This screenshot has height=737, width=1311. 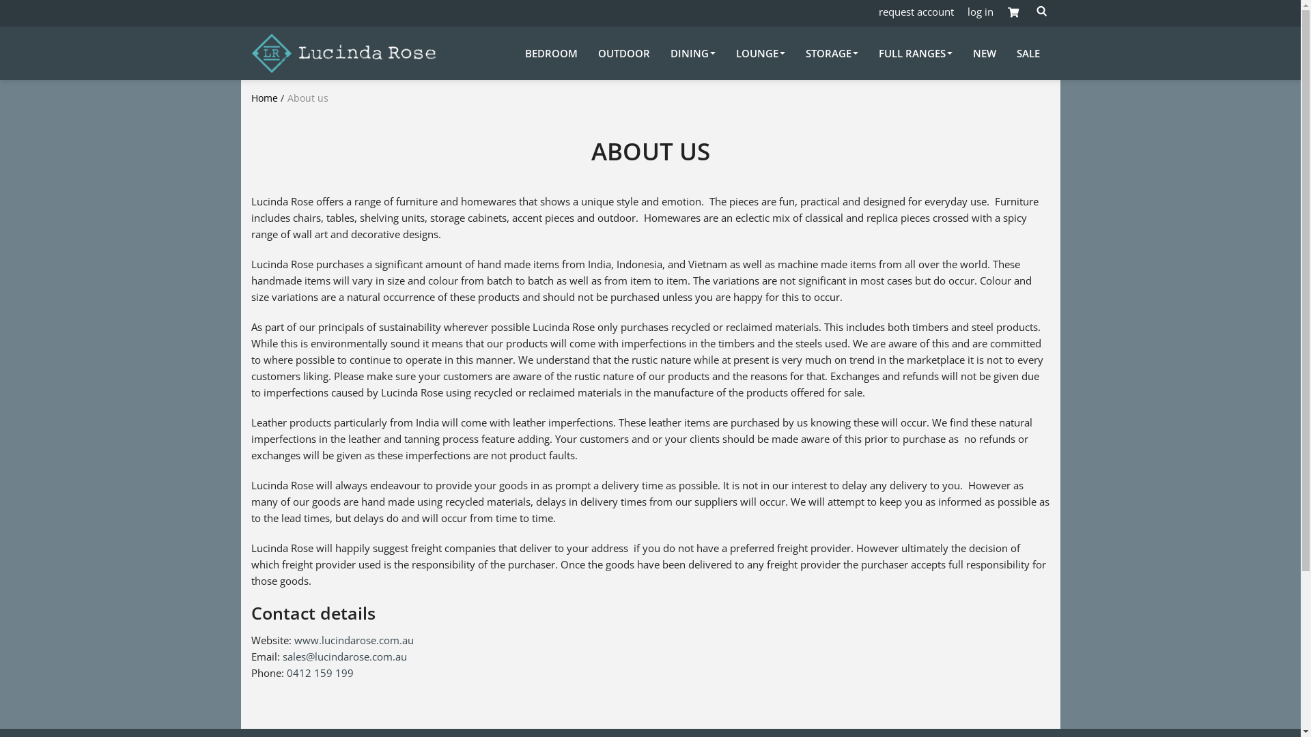 I want to click on 'SALE', so click(x=1028, y=52).